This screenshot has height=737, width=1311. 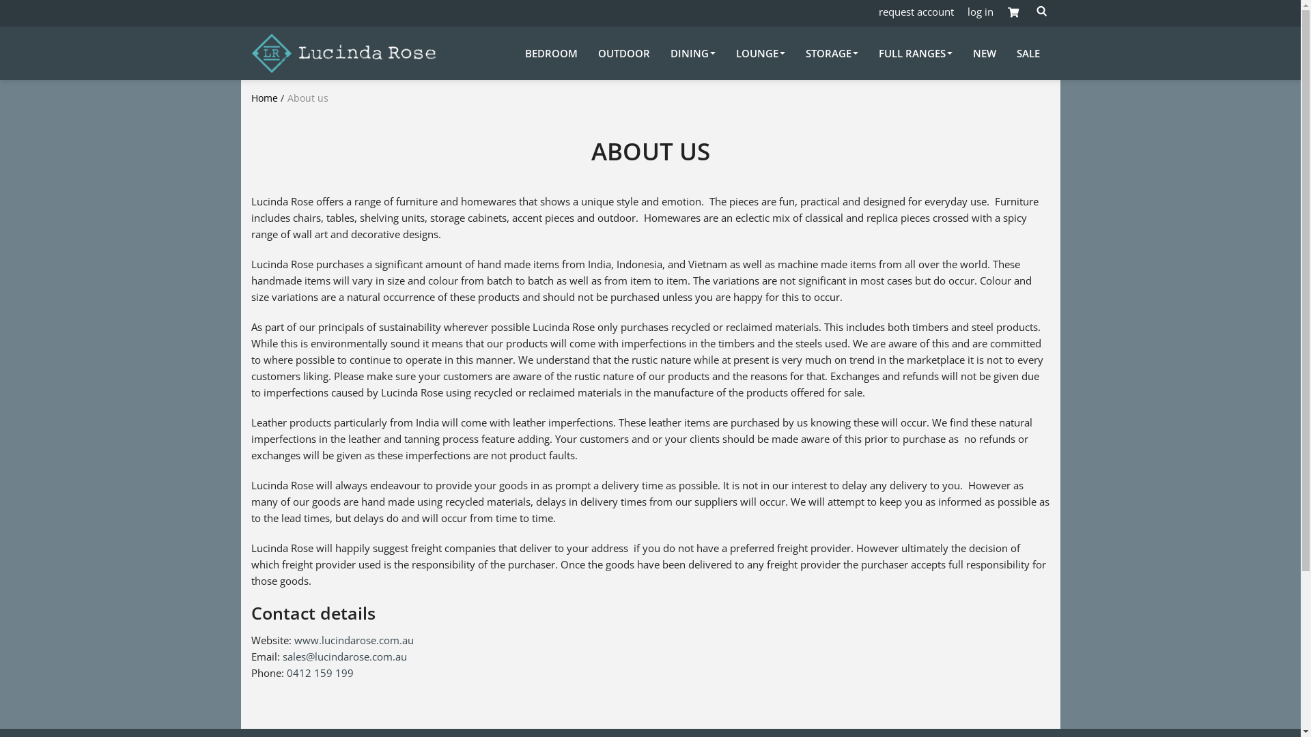 I want to click on 'SALE', so click(x=1028, y=52).